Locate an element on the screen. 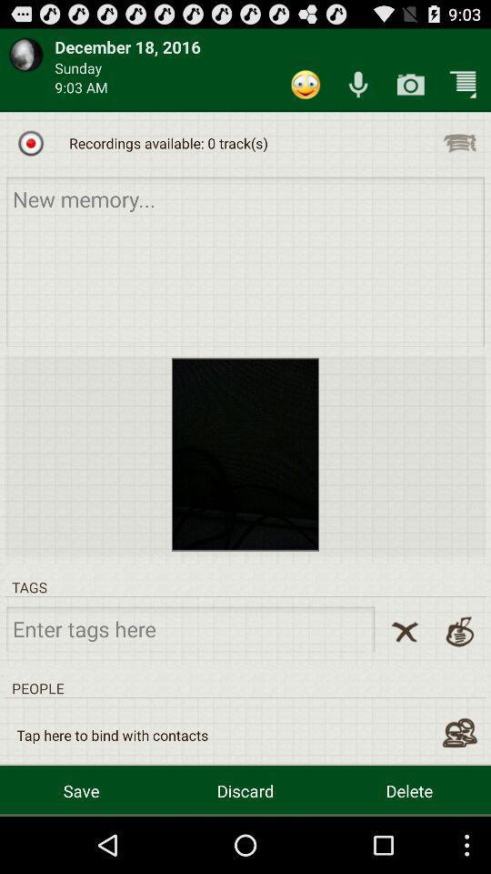  the icon above people is located at coordinates (405, 632).